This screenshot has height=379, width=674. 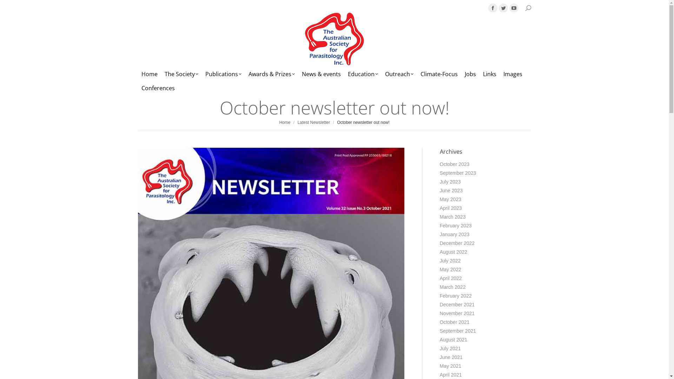 What do you see at coordinates (181, 74) in the screenshot?
I see `'The Society'` at bounding box center [181, 74].